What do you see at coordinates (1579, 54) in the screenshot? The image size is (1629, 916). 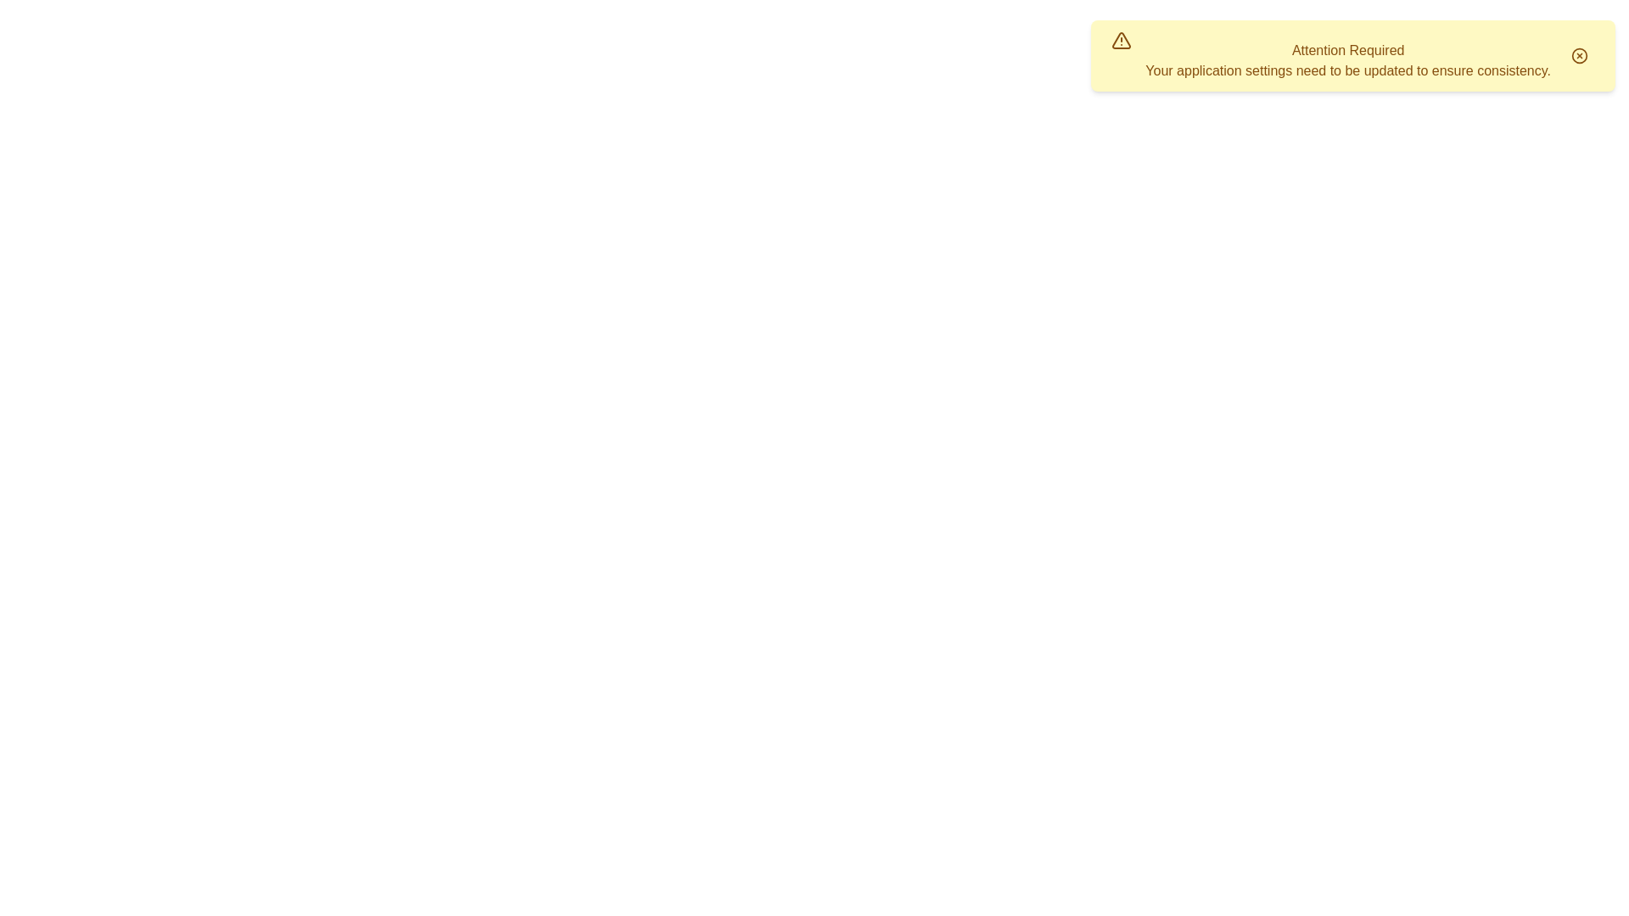 I see `the dismiss/close button icon, which is a circular outline with a diagonal cross, located in the top-right corner of the notification card with a yellow background` at bounding box center [1579, 54].